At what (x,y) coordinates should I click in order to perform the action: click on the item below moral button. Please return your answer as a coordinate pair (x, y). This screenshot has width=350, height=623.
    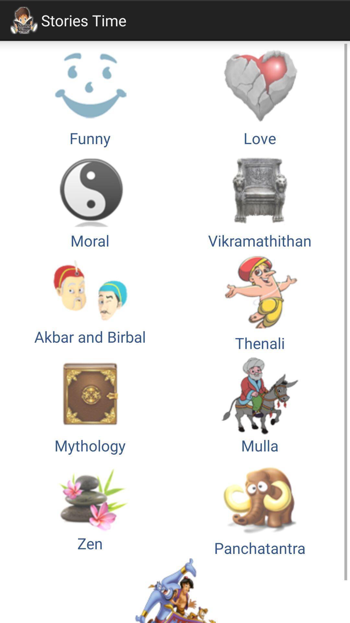
    Looking at the image, I should click on (90, 302).